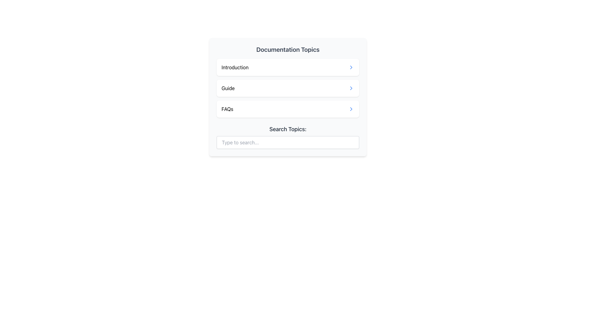  I want to click on the links in the 'Documentation Topics' navigation menu, so click(287, 97).